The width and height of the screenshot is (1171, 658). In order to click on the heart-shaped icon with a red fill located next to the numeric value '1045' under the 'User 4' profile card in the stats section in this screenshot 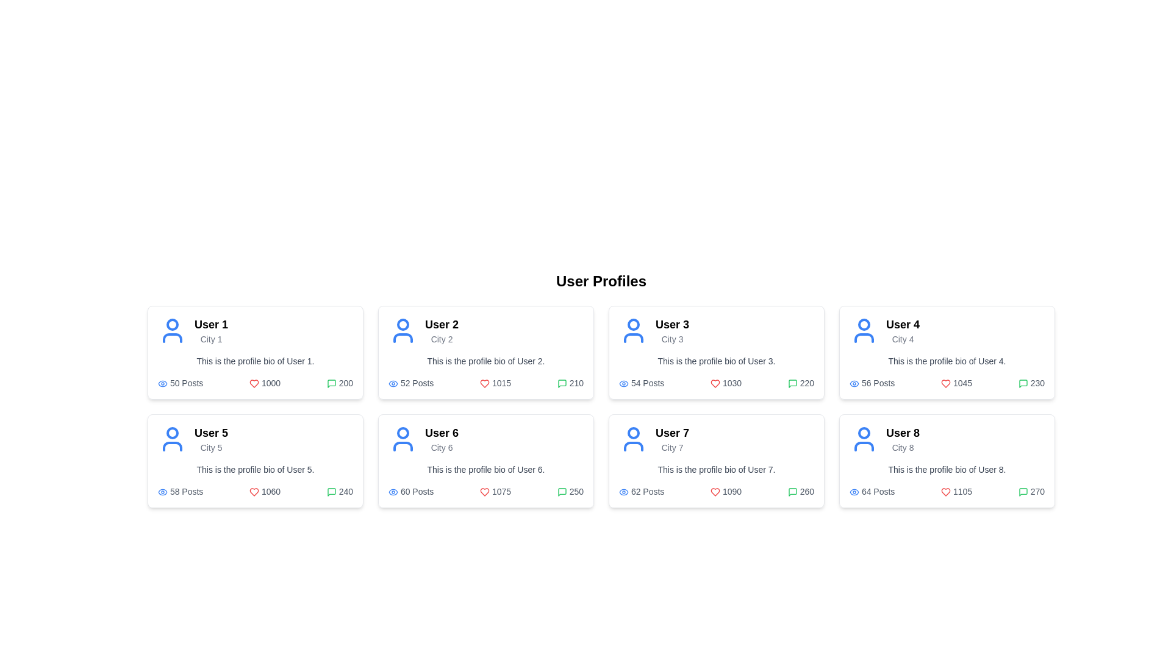, I will do `click(945, 384)`.